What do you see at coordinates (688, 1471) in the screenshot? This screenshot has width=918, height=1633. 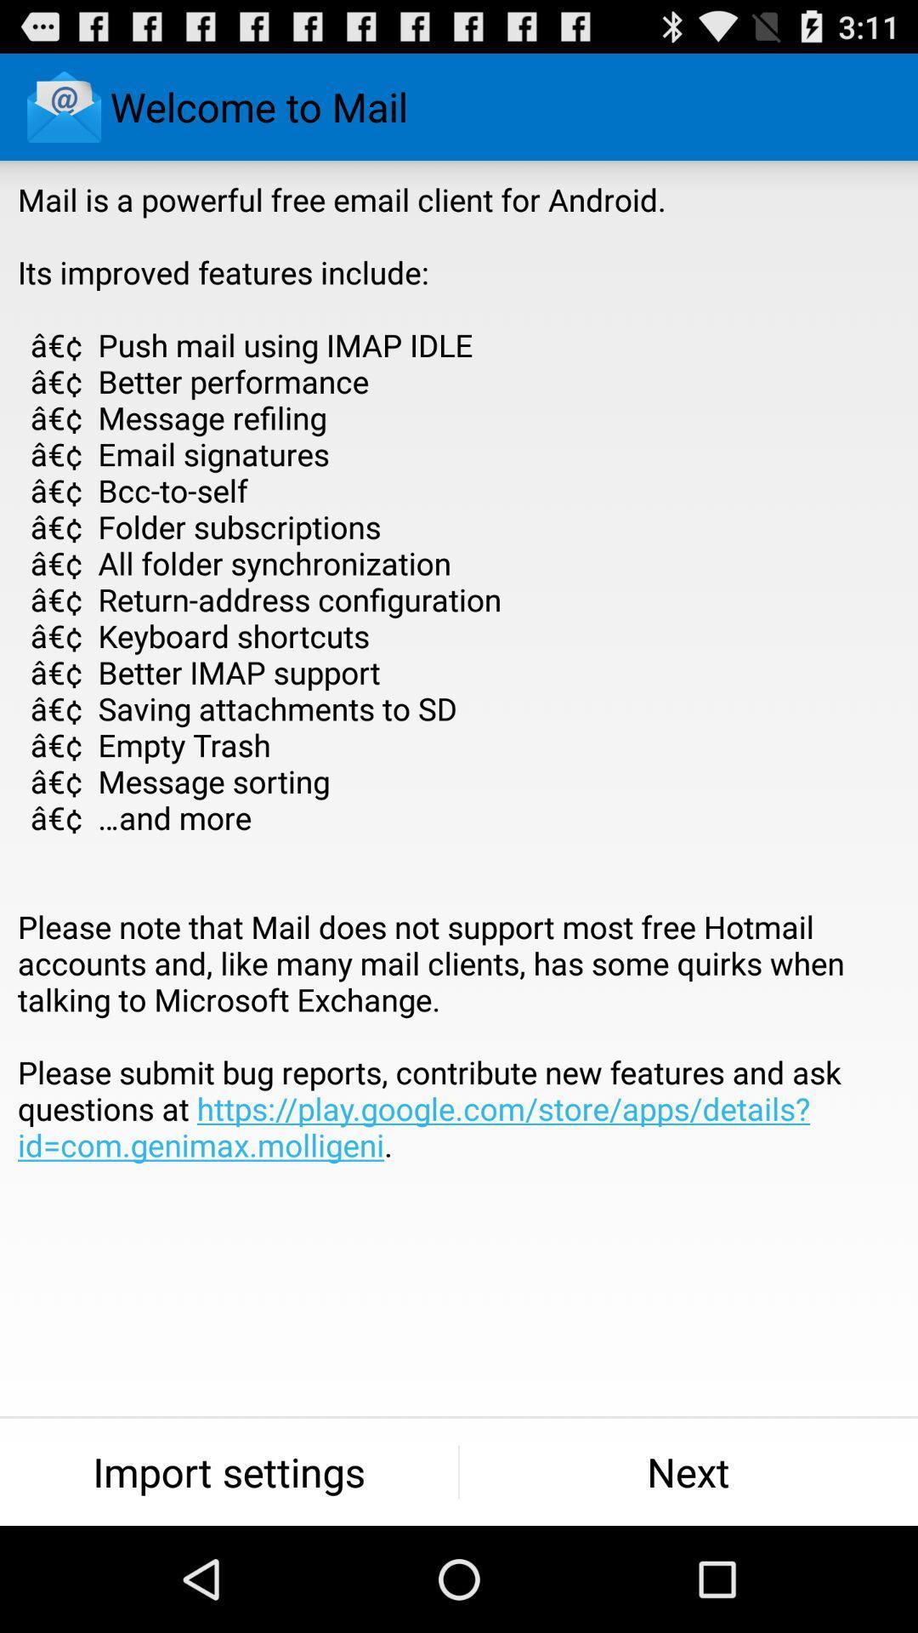 I see `icon next to the import settings` at bounding box center [688, 1471].